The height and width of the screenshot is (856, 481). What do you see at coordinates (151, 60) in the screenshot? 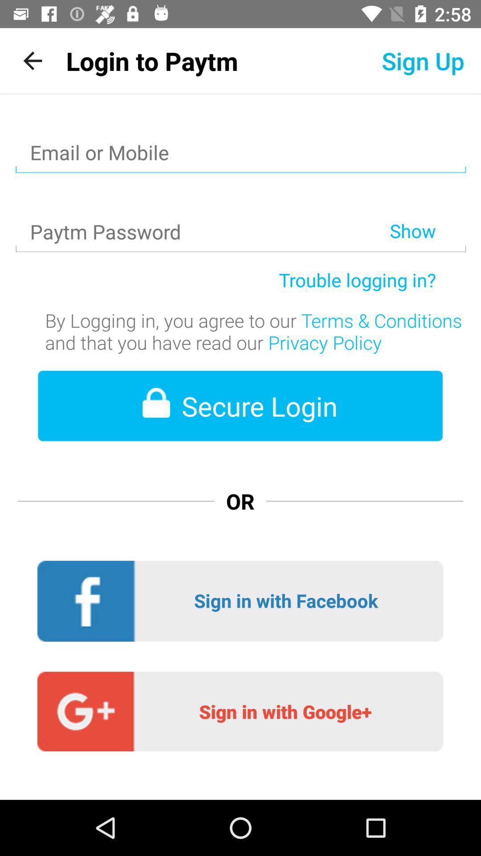
I see `icon to the left of the sign up` at bounding box center [151, 60].